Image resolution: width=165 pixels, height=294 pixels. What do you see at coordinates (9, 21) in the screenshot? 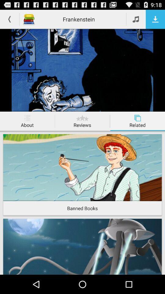
I see `the arrow_backward icon` at bounding box center [9, 21].